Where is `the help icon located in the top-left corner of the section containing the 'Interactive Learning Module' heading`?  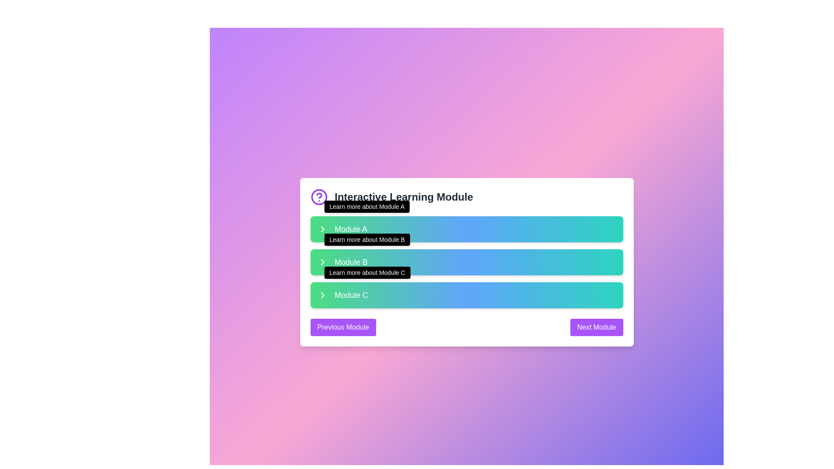 the help icon located in the top-left corner of the section containing the 'Interactive Learning Module' heading is located at coordinates (318, 197).